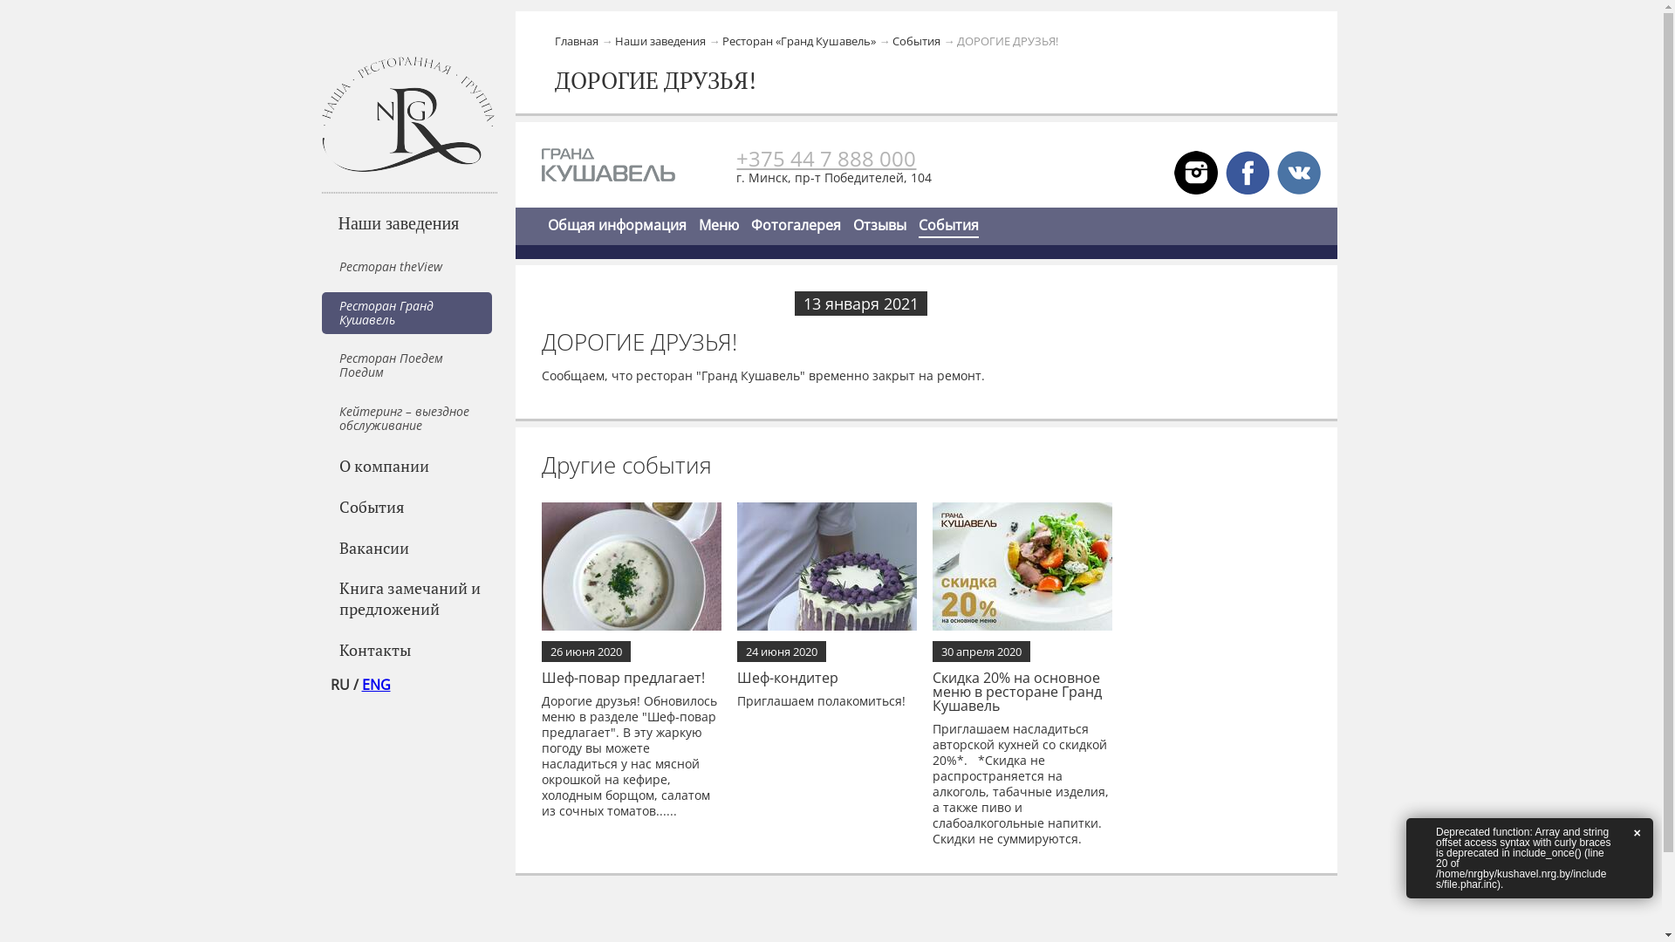 The image size is (1675, 942). I want to click on 'VK', so click(1277, 171).